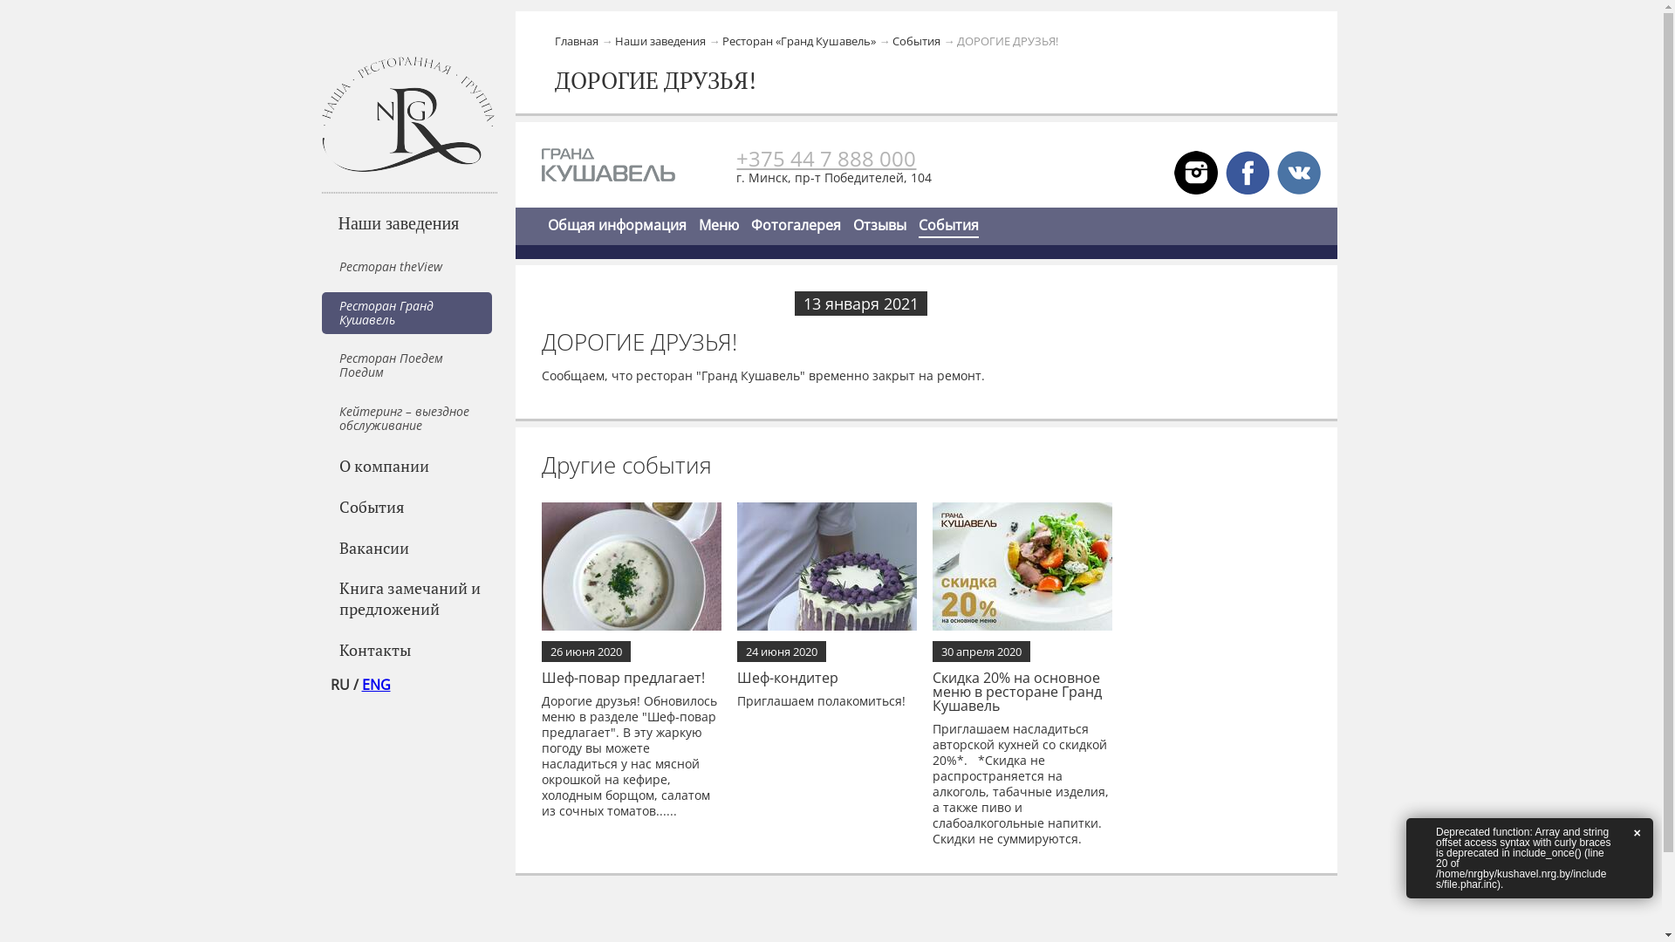 The image size is (1675, 942). I want to click on 'VK', so click(1277, 171).